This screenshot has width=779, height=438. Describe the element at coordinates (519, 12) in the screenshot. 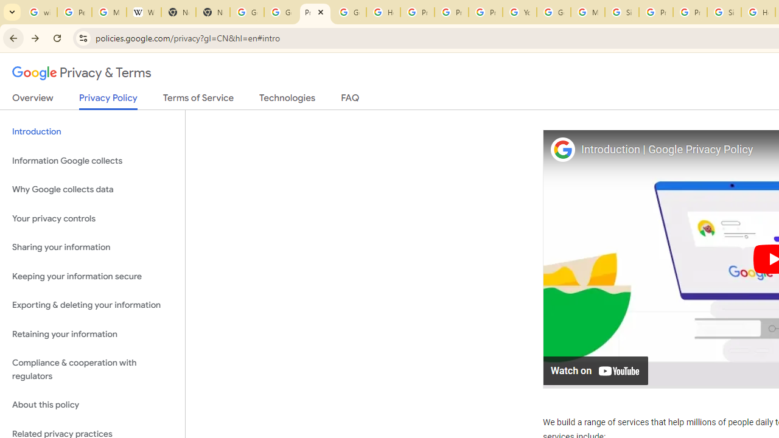

I see `'YouTube'` at that location.